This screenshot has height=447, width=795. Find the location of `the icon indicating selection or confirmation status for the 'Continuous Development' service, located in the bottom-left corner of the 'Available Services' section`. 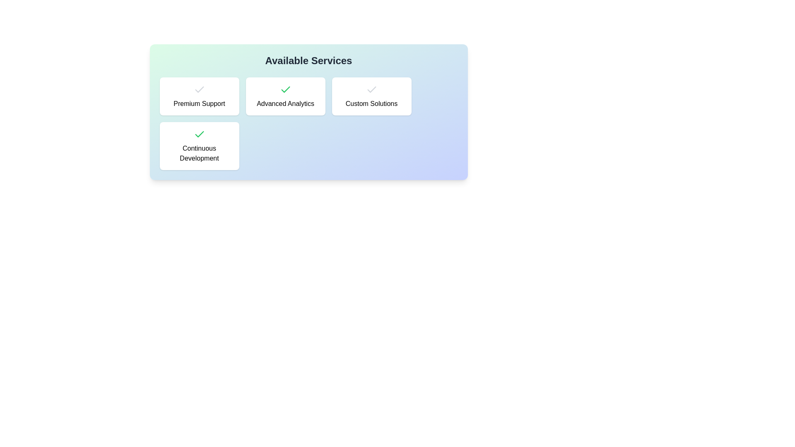

the icon indicating selection or confirmation status for the 'Continuous Development' service, located in the bottom-left corner of the 'Available Services' section is located at coordinates (285, 89).